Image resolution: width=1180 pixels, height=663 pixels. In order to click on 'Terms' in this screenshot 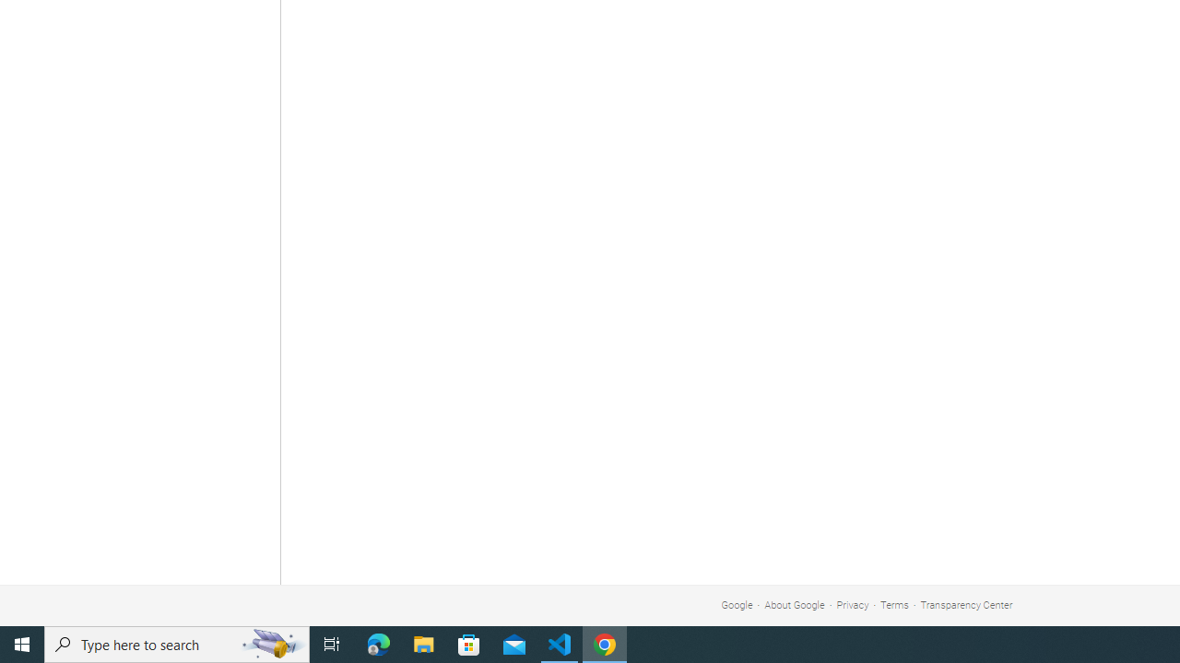, I will do `click(894, 605)`.